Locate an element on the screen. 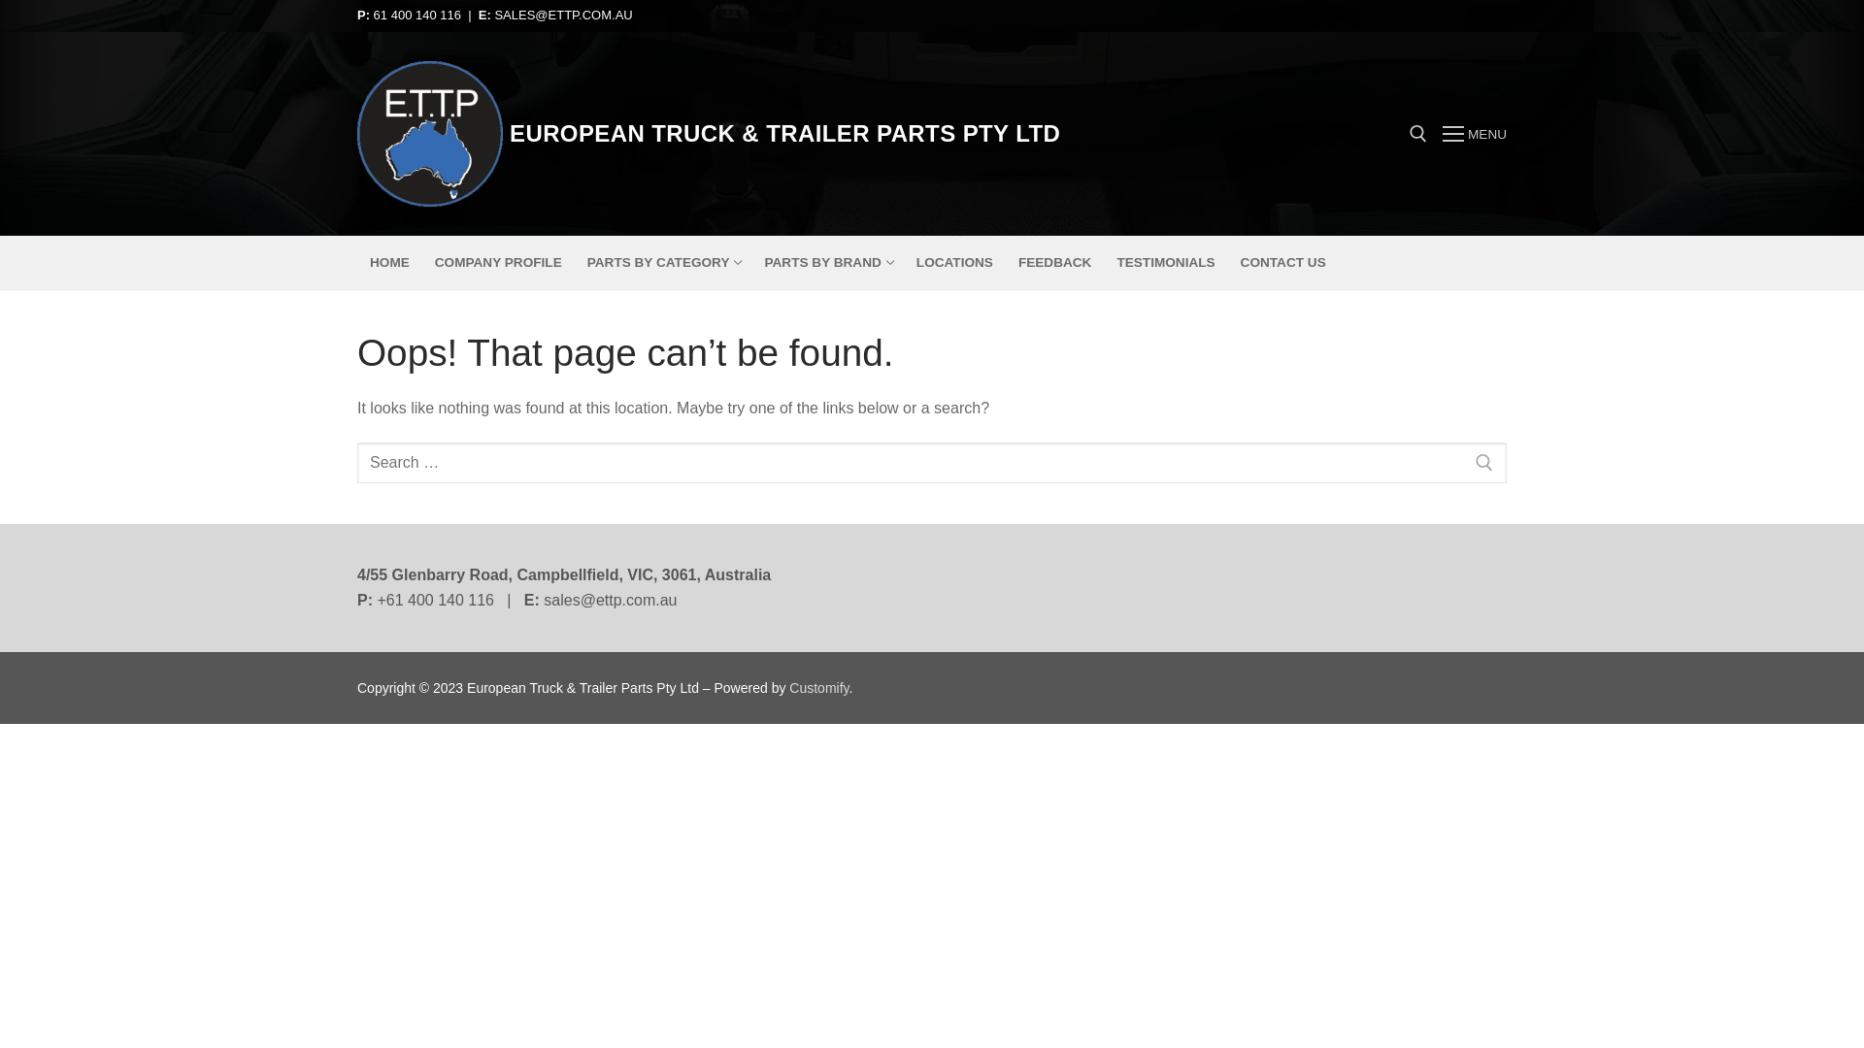 Image resolution: width=1864 pixels, height=1048 pixels. 'PARTS BY BRAND is located at coordinates (826, 262).